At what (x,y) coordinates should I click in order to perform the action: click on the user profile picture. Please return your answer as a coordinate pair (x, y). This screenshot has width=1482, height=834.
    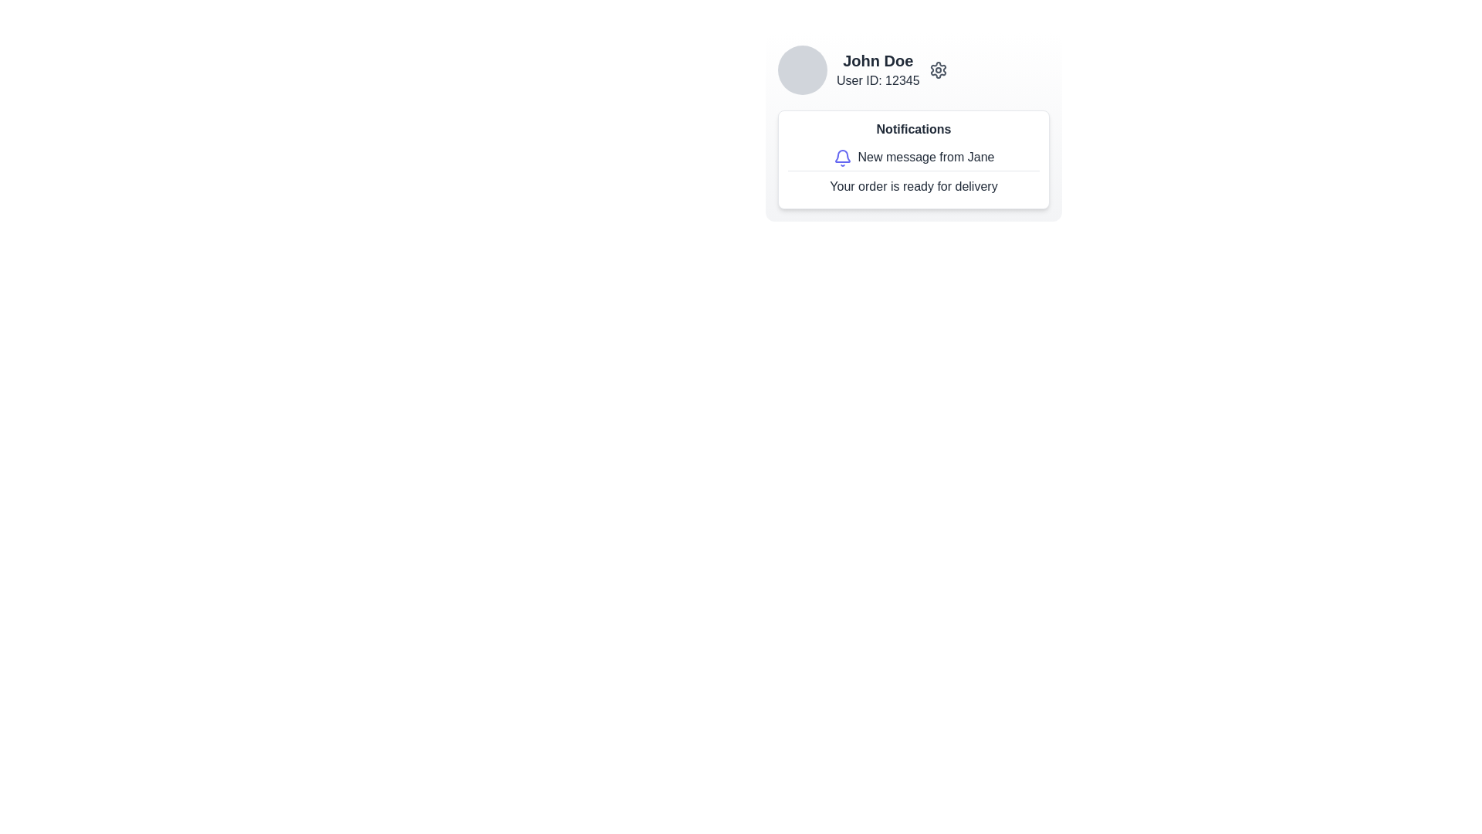
    Looking at the image, I should click on (803, 70).